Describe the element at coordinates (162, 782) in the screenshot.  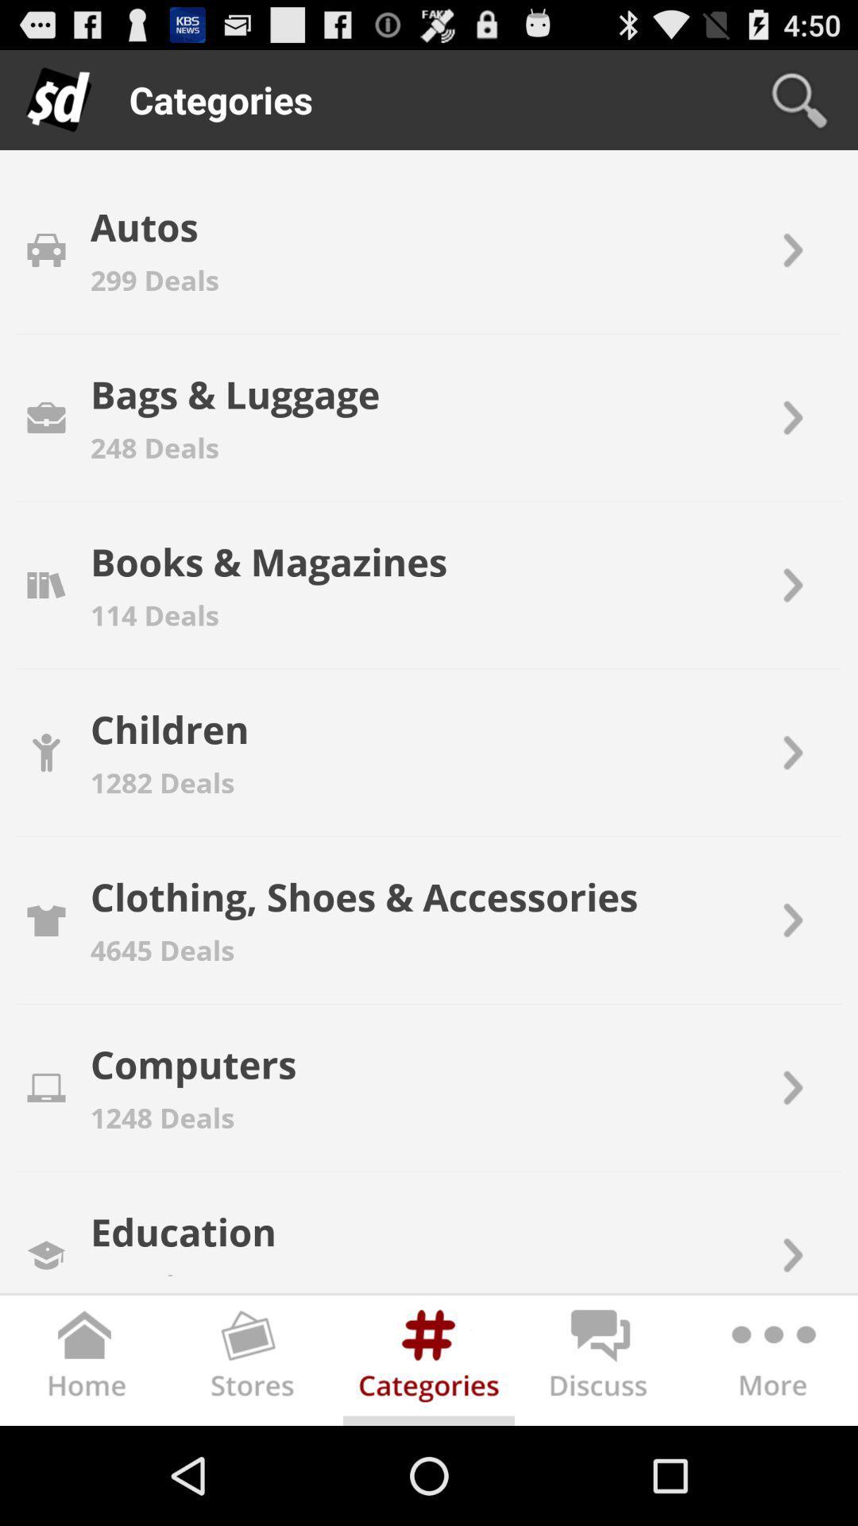
I see `the 1282 deals icon` at that location.